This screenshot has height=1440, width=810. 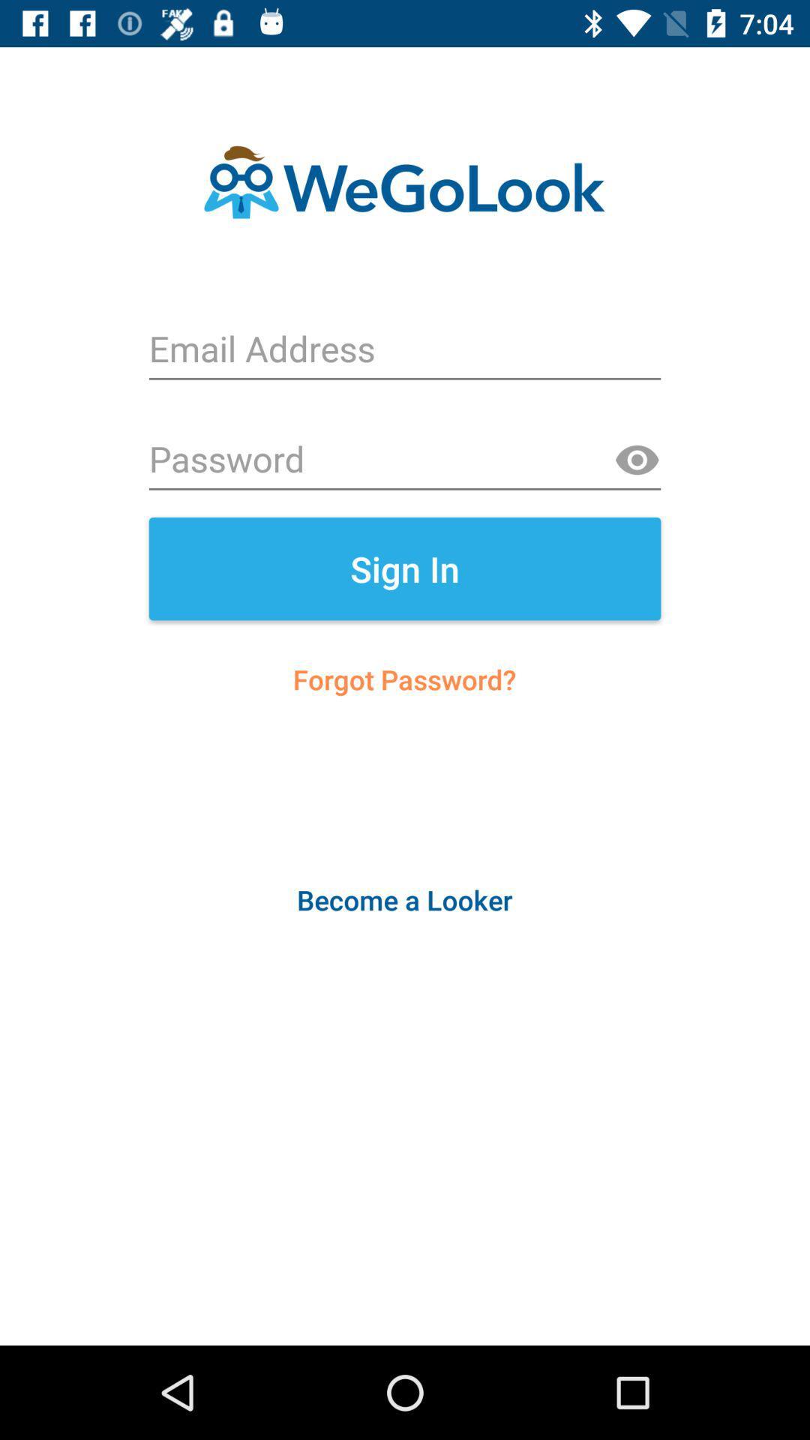 I want to click on sign in, so click(x=405, y=568).